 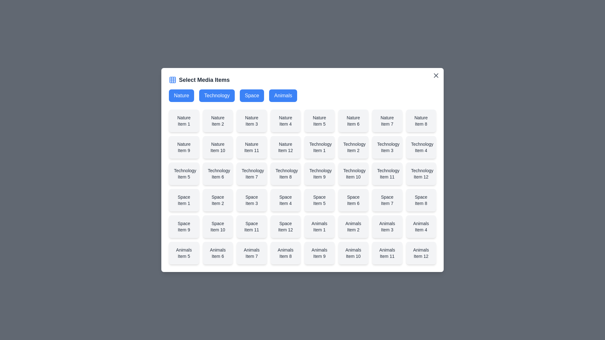 I want to click on the Space button to select the desired category, so click(x=251, y=96).